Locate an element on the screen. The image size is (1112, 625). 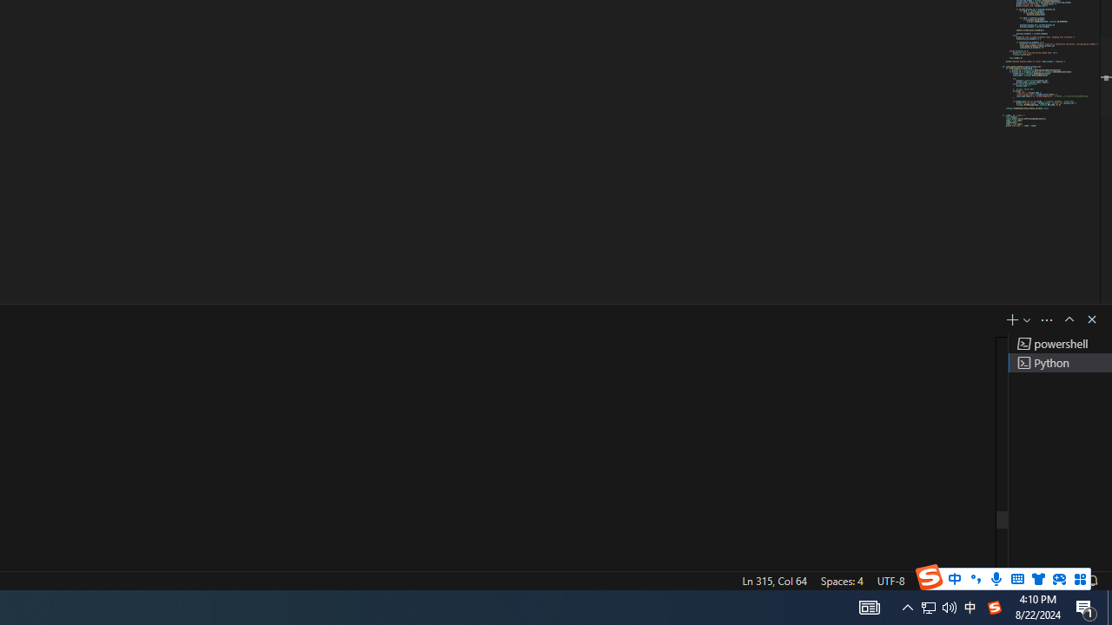
'Spaces: 4' is located at coordinates (841, 580).